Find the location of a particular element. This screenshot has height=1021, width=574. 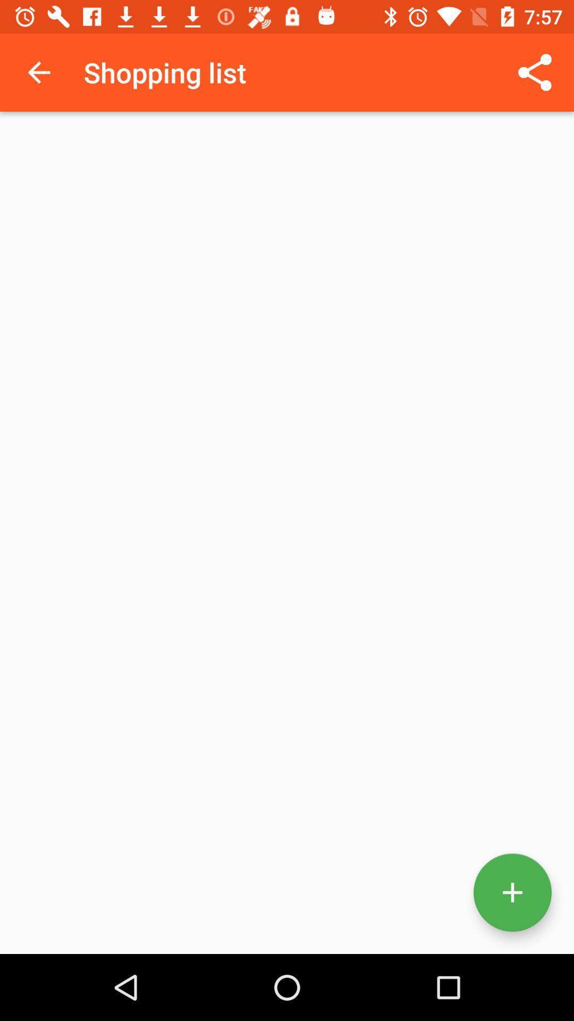

the item to the left of shopping list app is located at coordinates (38, 72).